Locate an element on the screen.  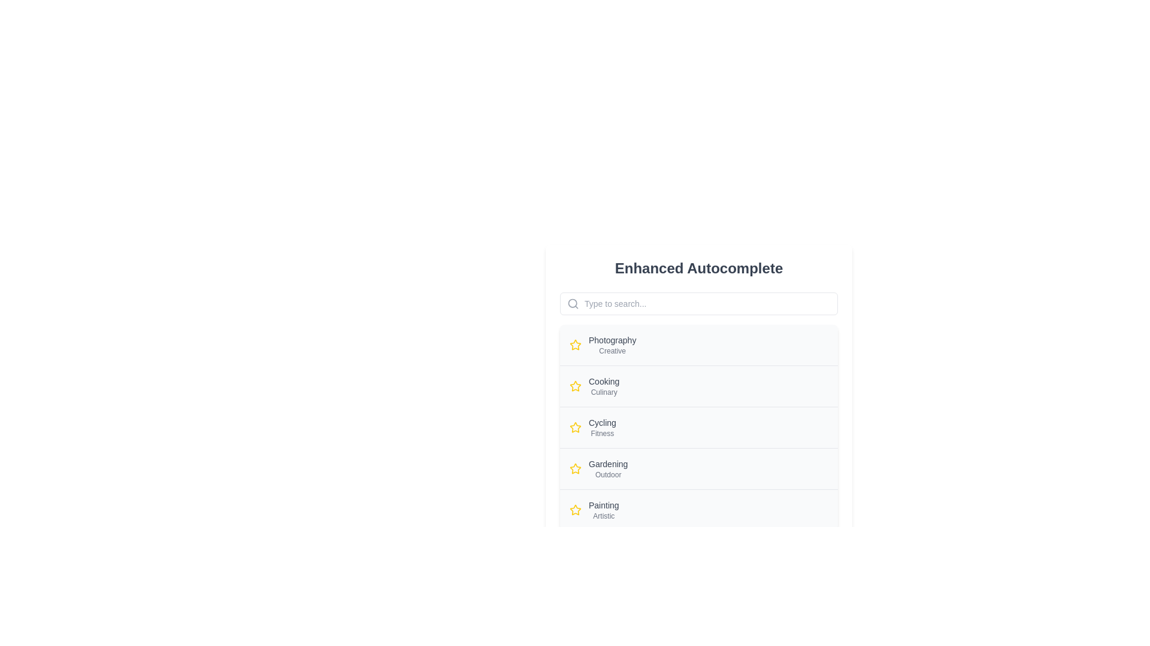
the selectable list item labeled 'Cooking' is located at coordinates (698, 394).